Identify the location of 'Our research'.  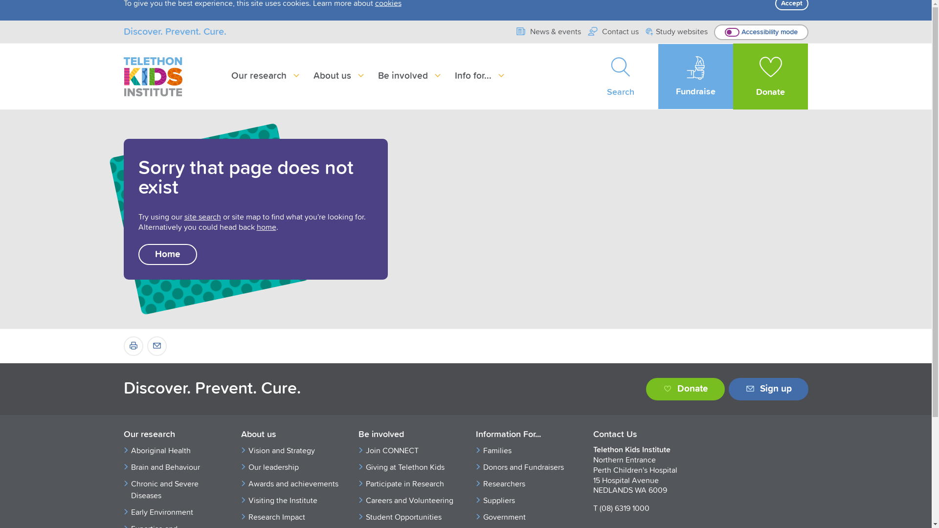
(172, 435).